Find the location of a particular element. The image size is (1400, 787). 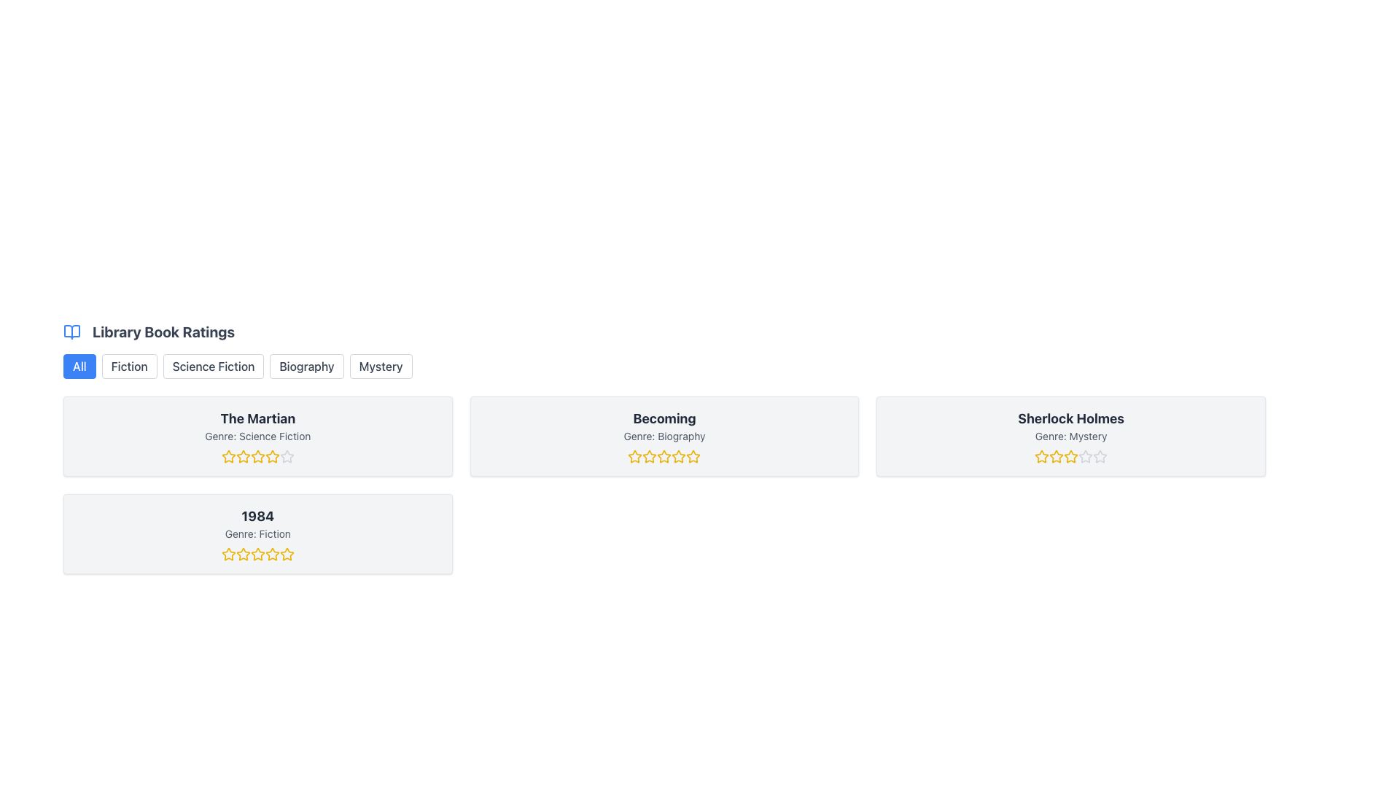

the text label 'The Martian' which is styled in bold, large gray font and located at the top of the leftmost column in the grid layout is located at coordinates (257, 418).